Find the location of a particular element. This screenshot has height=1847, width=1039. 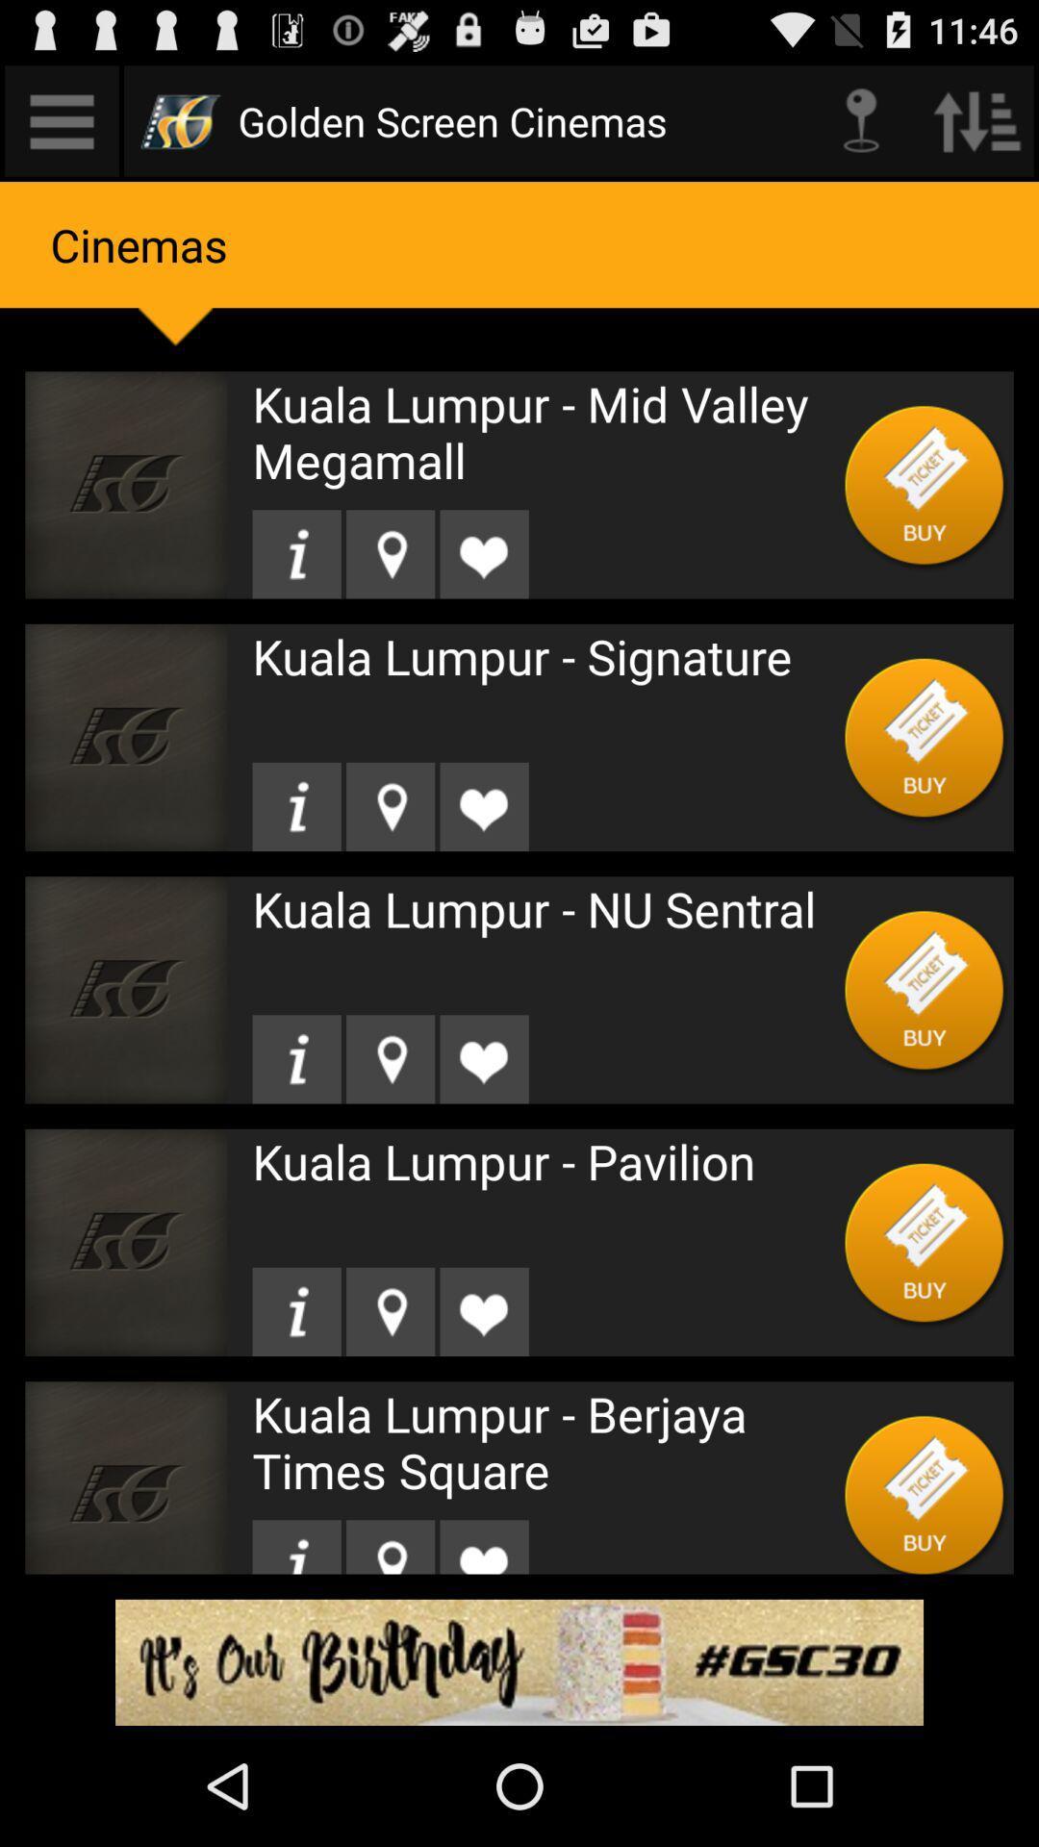

get more information is located at coordinates (296, 1310).